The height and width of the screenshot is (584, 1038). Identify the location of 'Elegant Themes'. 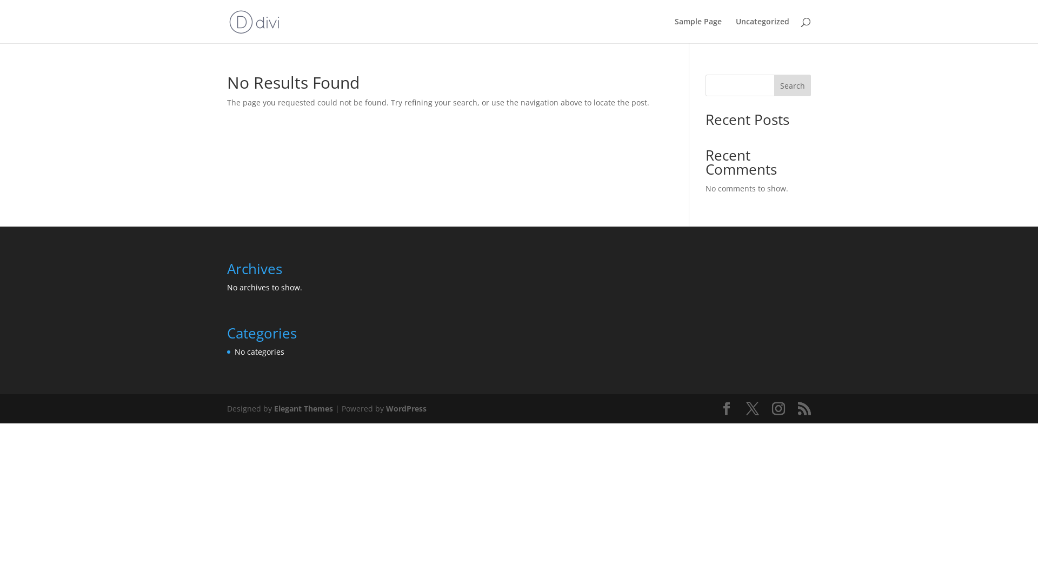
(303, 408).